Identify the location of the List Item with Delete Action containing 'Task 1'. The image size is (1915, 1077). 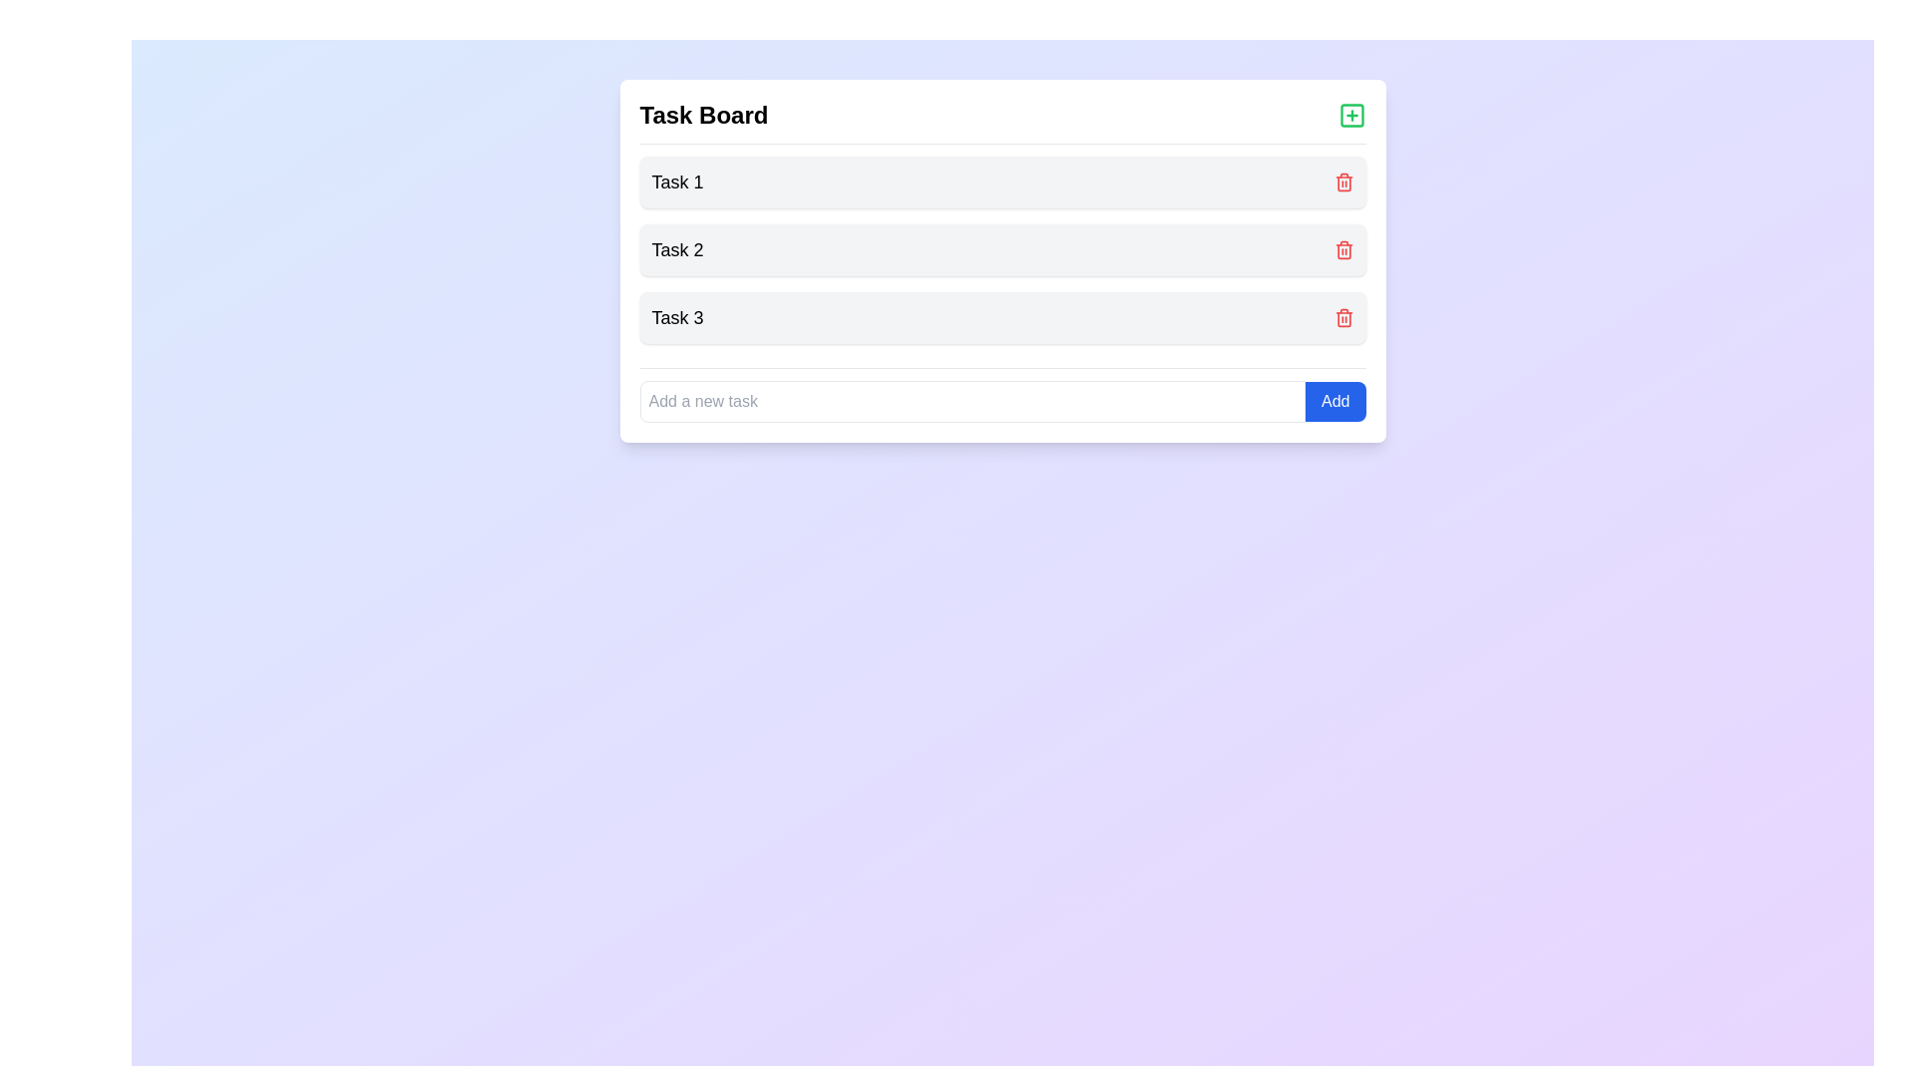
(1002, 181).